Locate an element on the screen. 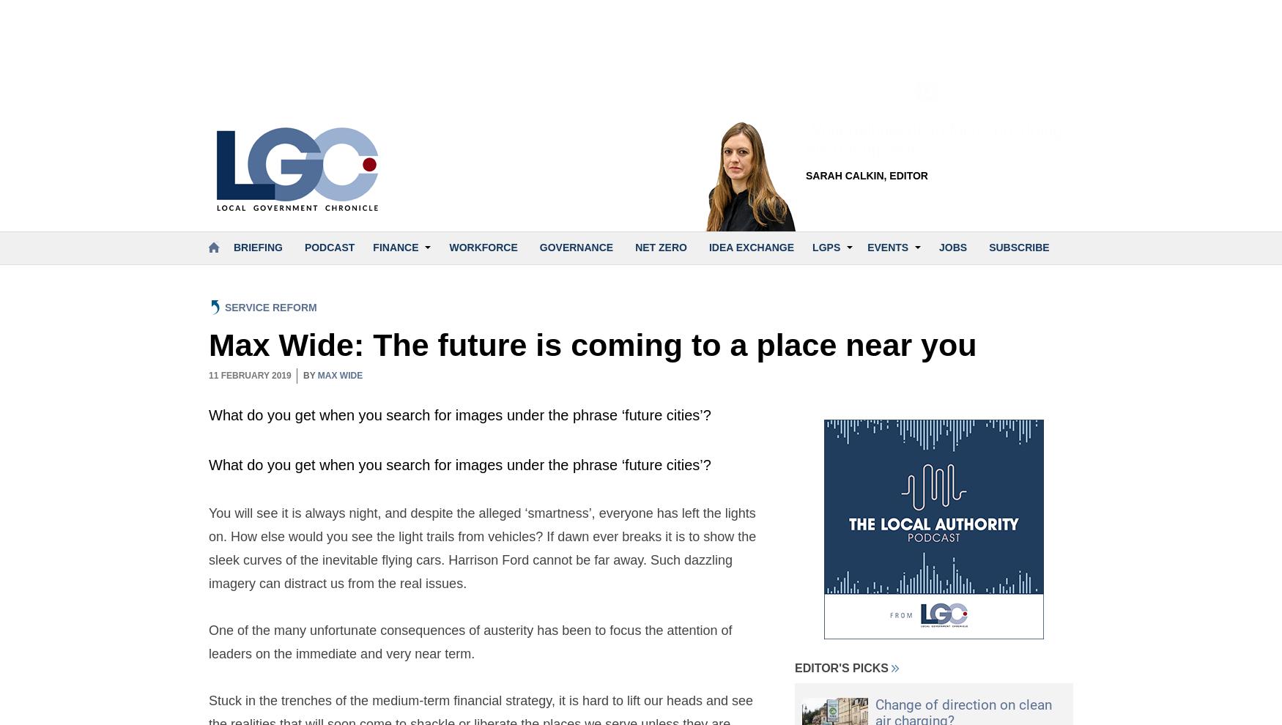 The height and width of the screenshot is (725, 1282). 'LGPS' is located at coordinates (826, 246).